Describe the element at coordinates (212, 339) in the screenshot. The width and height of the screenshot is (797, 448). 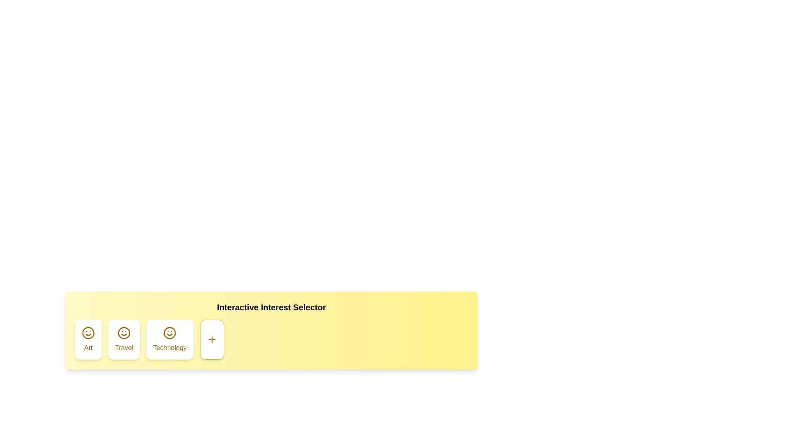
I see `the add button to add a new interest` at that location.